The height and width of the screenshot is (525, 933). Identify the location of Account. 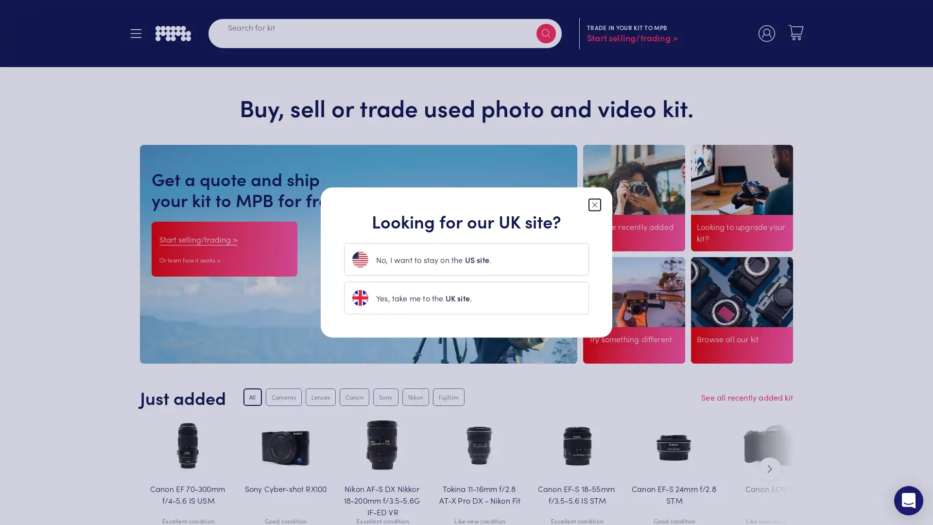
(766, 35).